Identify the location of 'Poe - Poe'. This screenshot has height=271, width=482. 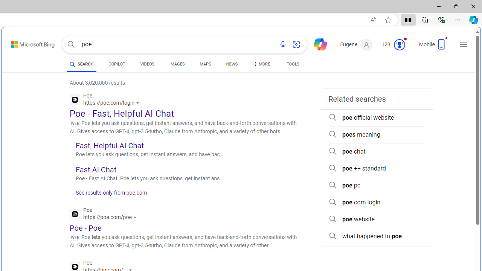
(85, 227).